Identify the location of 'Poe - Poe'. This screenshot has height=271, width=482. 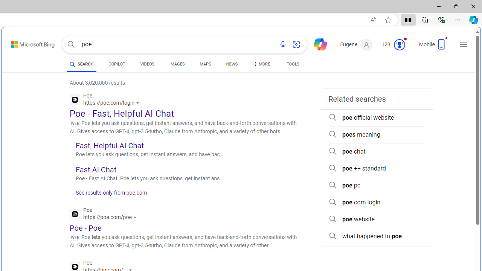
(85, 227).